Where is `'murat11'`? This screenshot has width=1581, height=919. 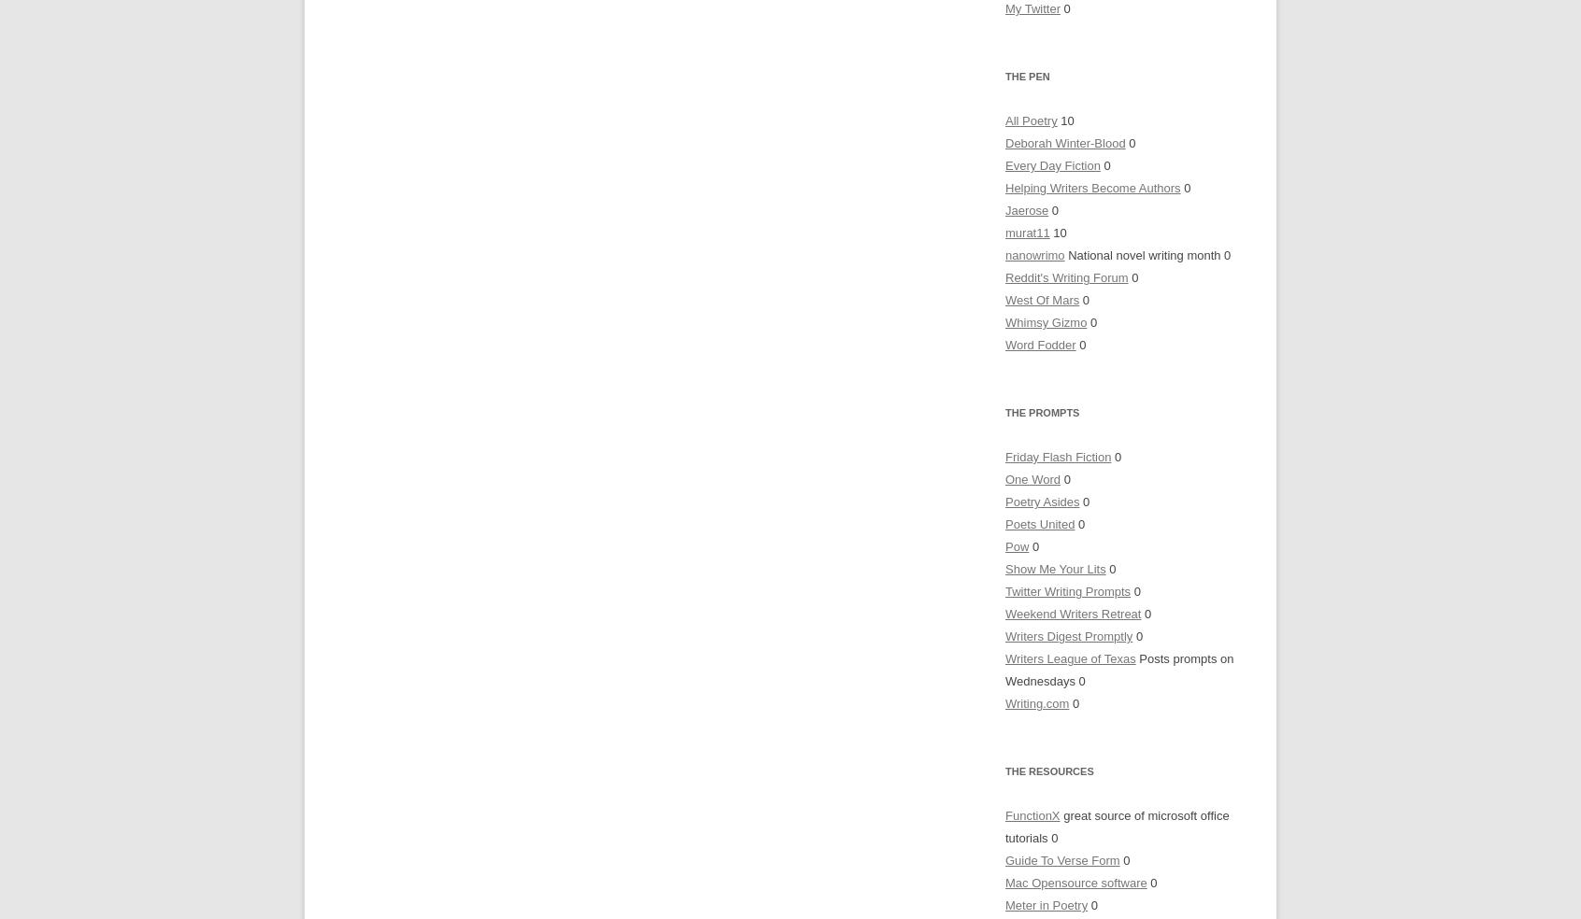
'murat11' is located at coordinates (1027, 232).